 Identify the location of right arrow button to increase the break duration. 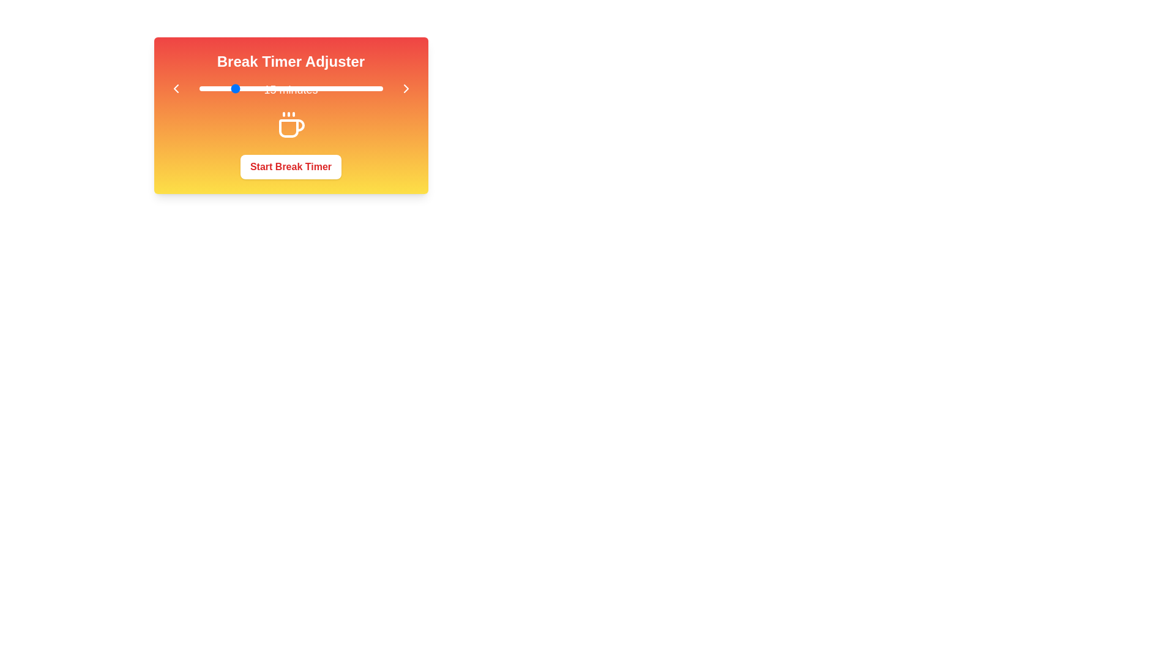
(406, 88).